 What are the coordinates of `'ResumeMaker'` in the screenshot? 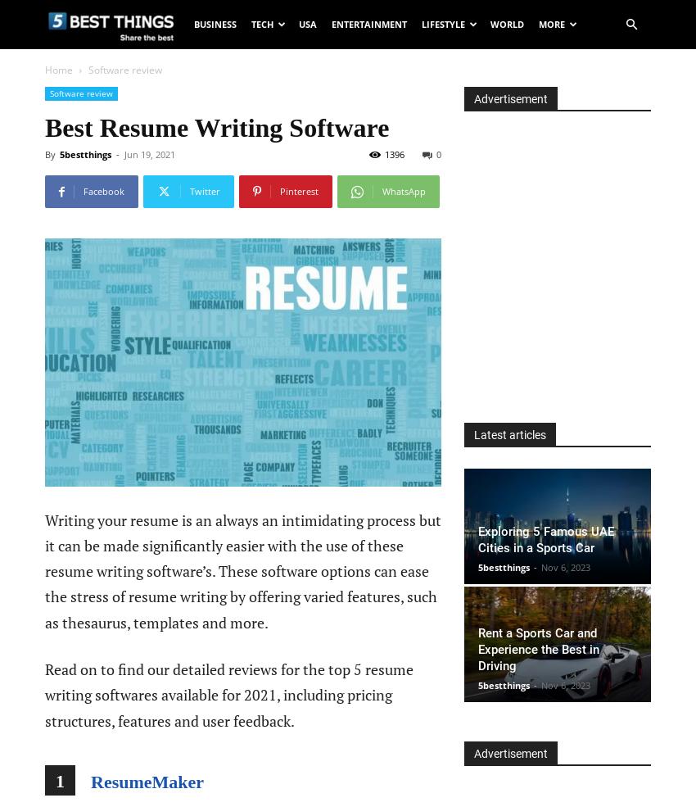 It's located at (147, 782).